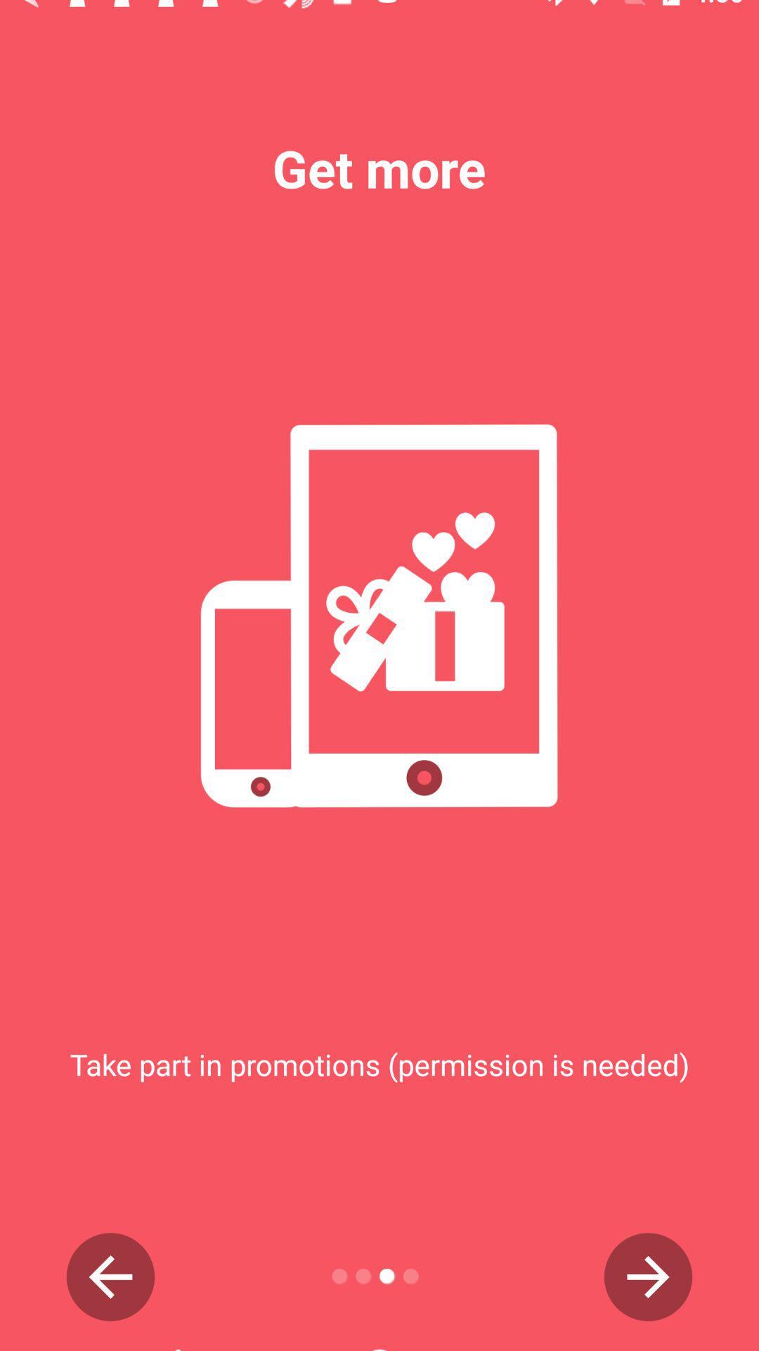 Image resolution: width=759 pixels, height=1351 pixels. I want to click on next button, so click(648, 1276).